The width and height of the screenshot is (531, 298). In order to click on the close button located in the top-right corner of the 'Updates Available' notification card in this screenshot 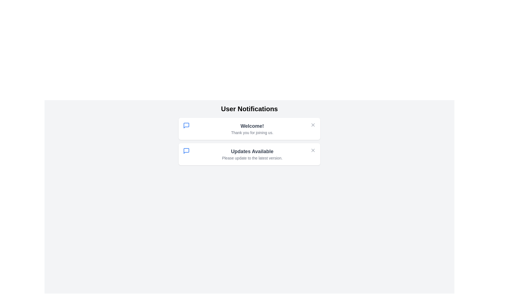, I will do `click(313, 150)`.